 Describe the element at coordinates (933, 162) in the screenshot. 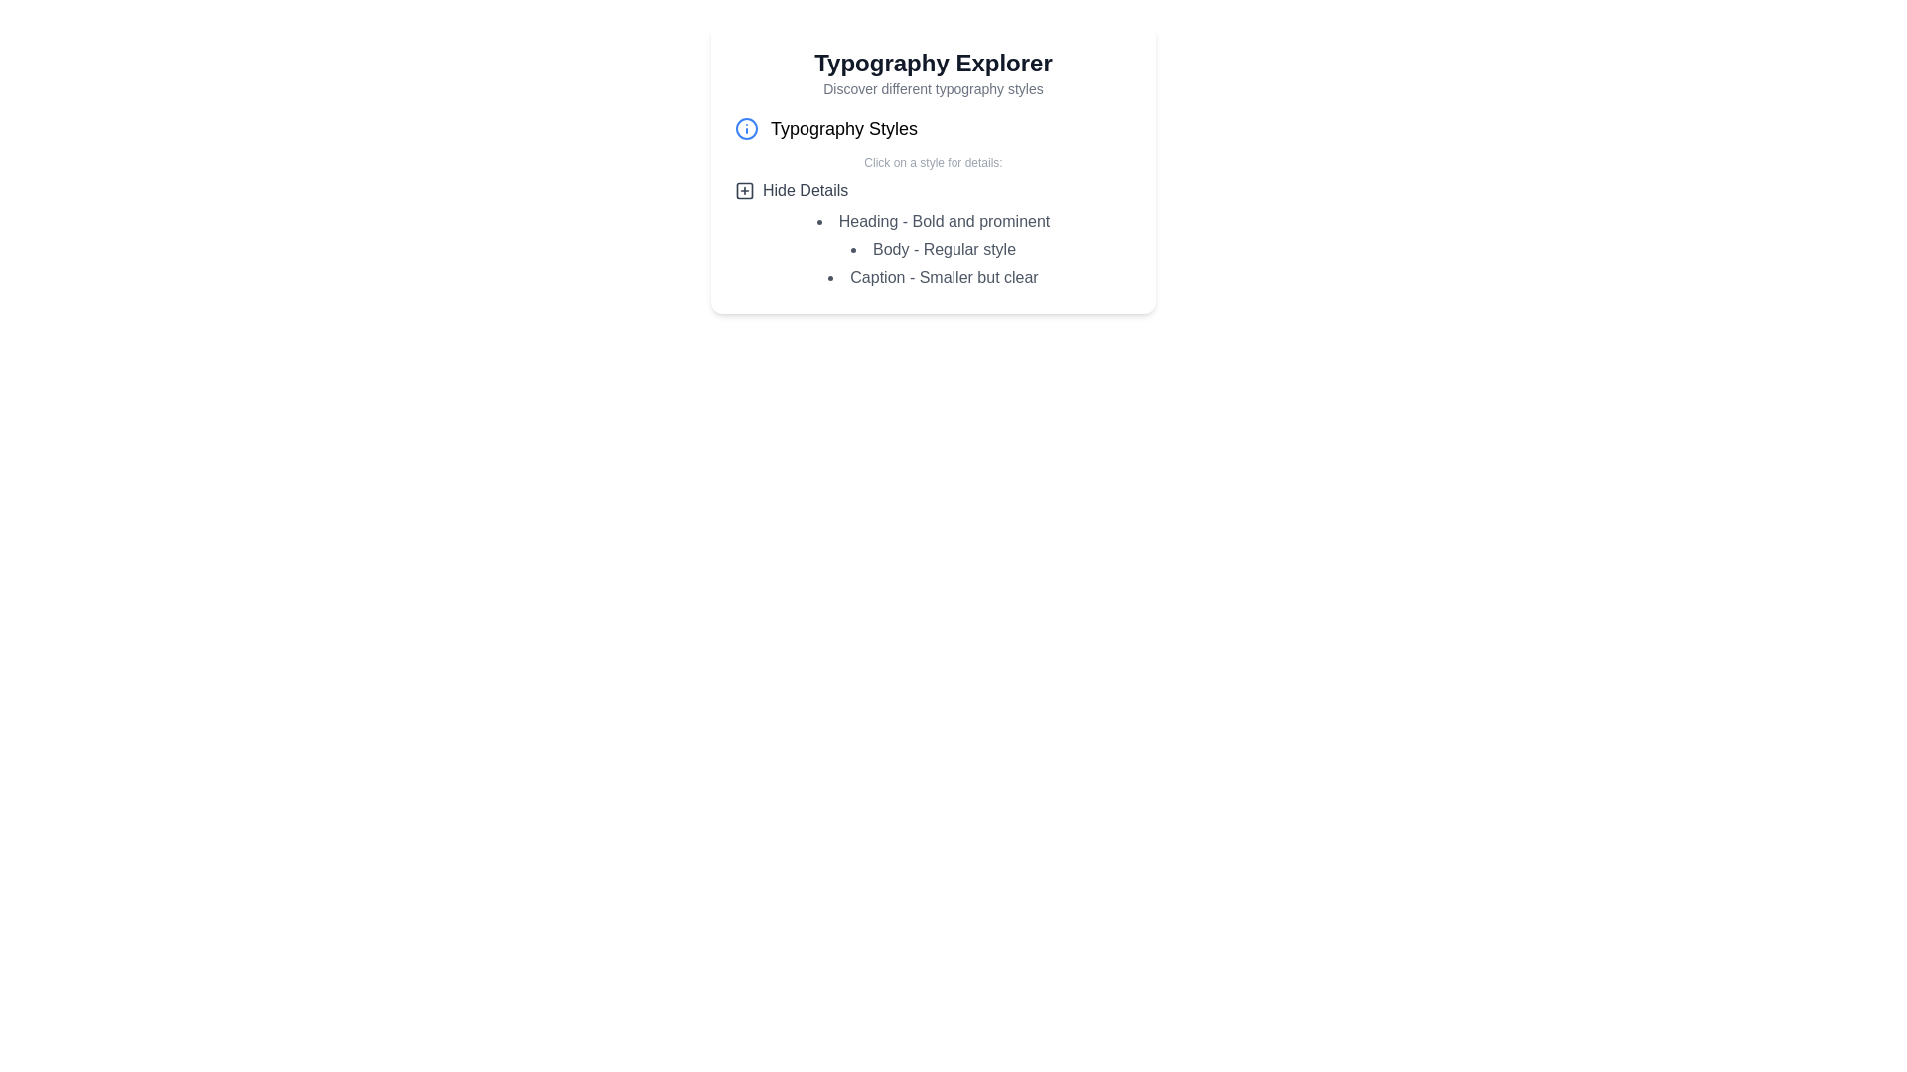

I see `instructional message displayed in the Text Label, which is positioned centrally below the title 'Typography Styles' and above the 'Hide Details' button` at that location.